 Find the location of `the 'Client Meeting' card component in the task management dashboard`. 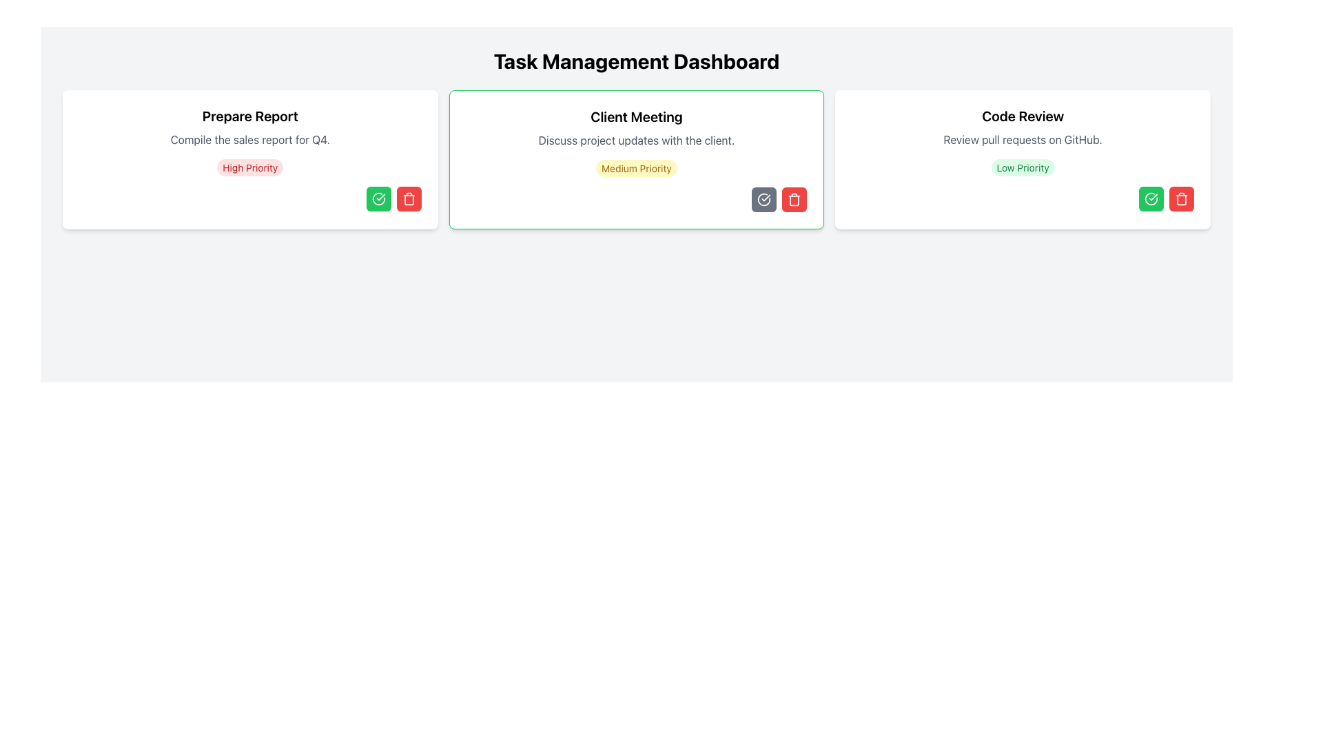

the 'Client Meeting' card component in the task management dashboard is located at coordinates (635, 158).